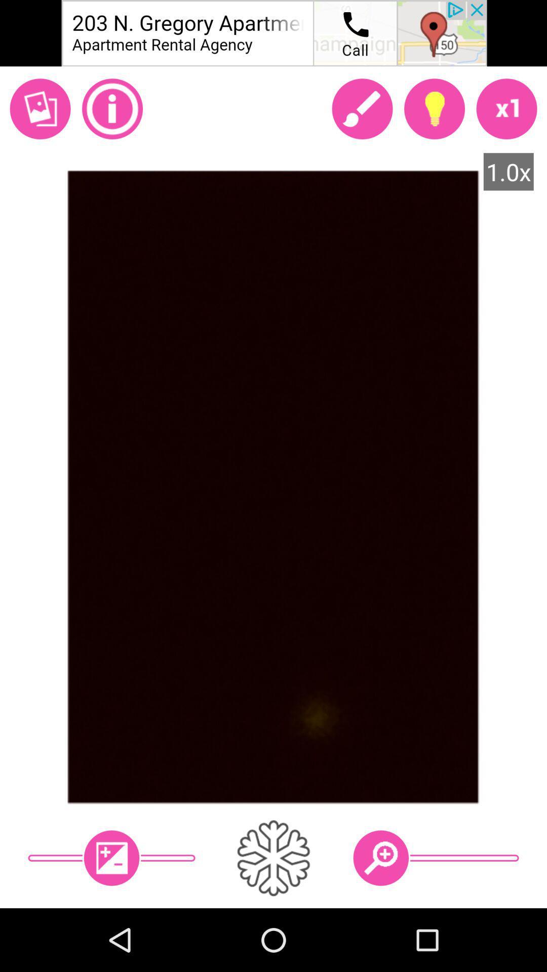 The image size is (547, 972). Describe the element at coordinates (40, 109) in the screenshot. I see `the wallpaper icon` at that location.